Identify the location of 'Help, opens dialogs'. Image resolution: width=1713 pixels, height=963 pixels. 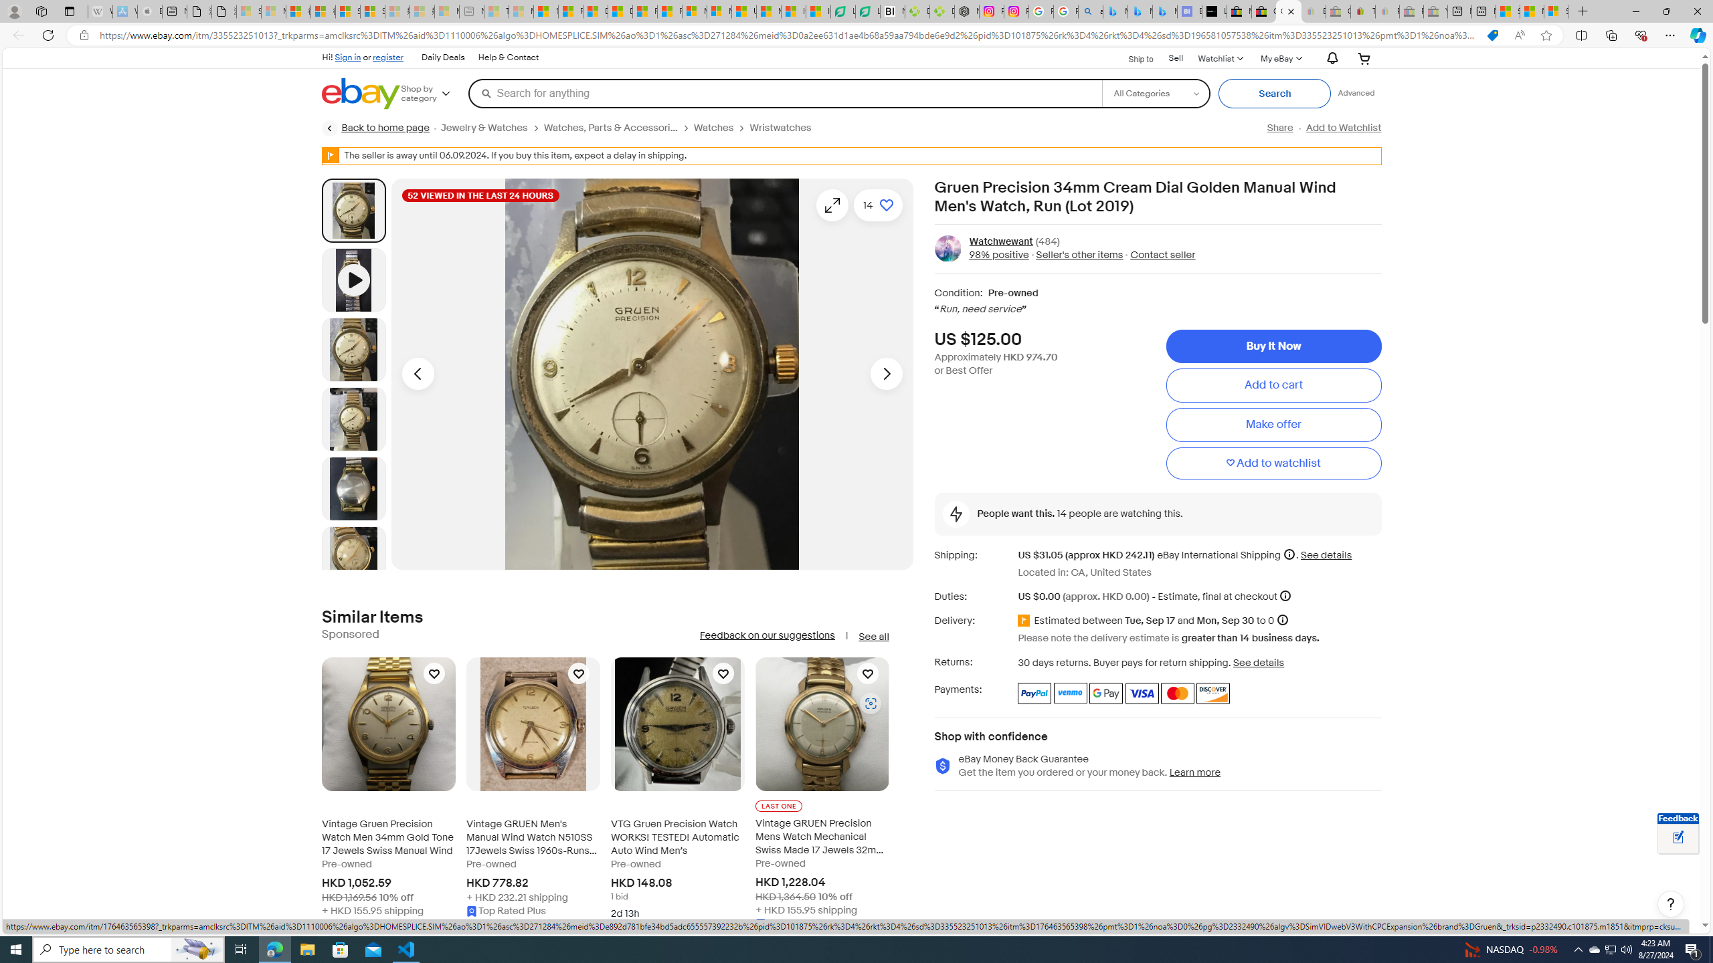
(1670, 903).